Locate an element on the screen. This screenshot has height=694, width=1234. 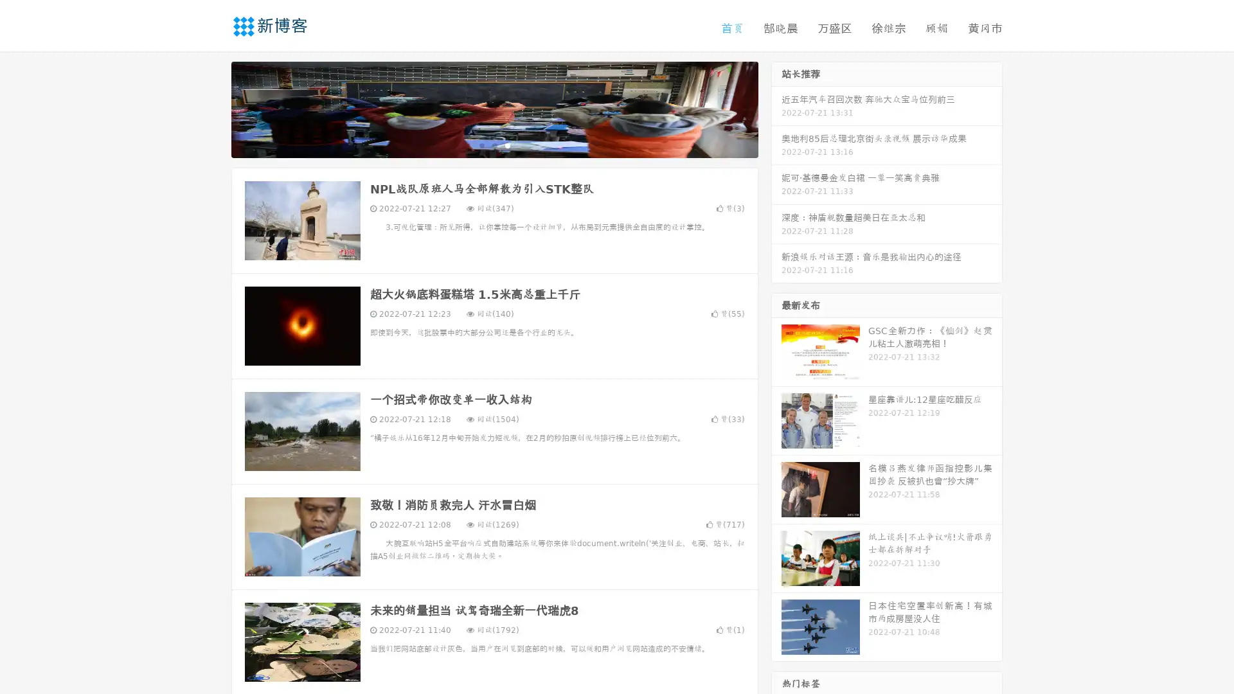
Previous slide is located at coordinates (212, 108).